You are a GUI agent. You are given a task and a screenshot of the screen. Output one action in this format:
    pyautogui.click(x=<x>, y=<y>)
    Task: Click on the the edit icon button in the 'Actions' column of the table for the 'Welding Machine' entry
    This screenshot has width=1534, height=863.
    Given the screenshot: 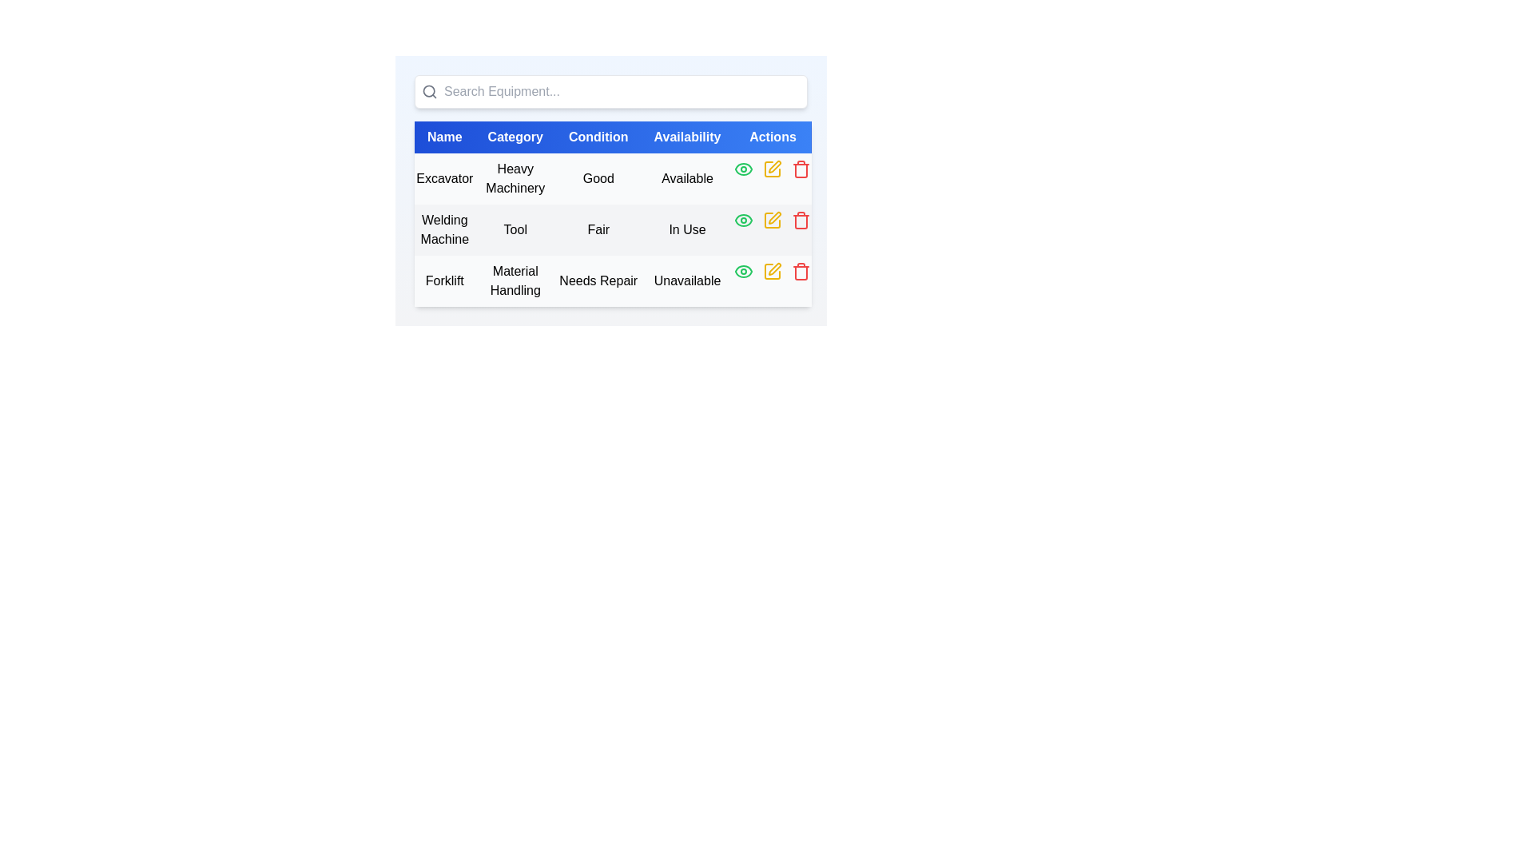 What is the action you would take?
    pyautogui.click(x=775, y=218)
    